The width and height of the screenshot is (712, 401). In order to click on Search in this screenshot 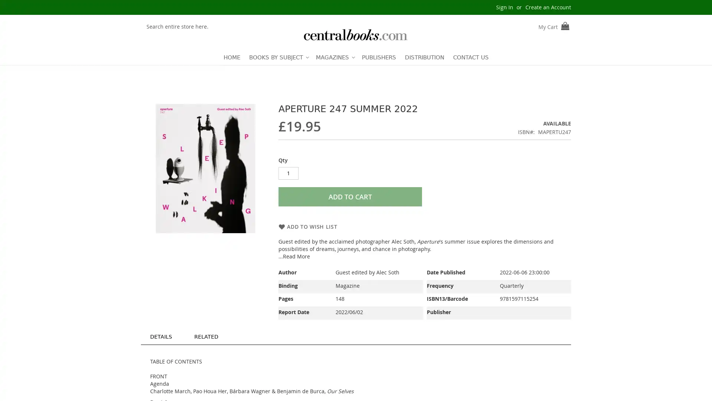, I will do `click(228, 25)`.